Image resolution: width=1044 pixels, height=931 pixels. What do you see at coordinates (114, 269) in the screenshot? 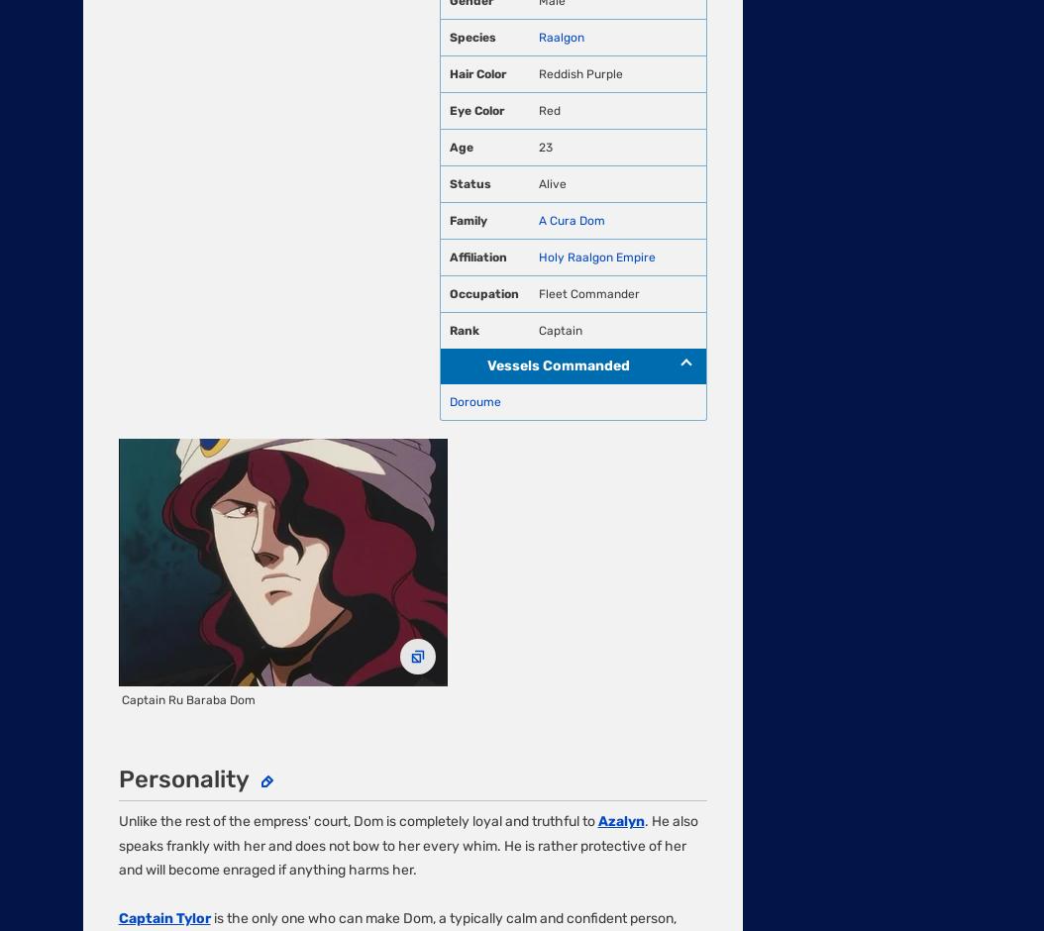
I see `'Overview'` at bounding box center [114, 269].